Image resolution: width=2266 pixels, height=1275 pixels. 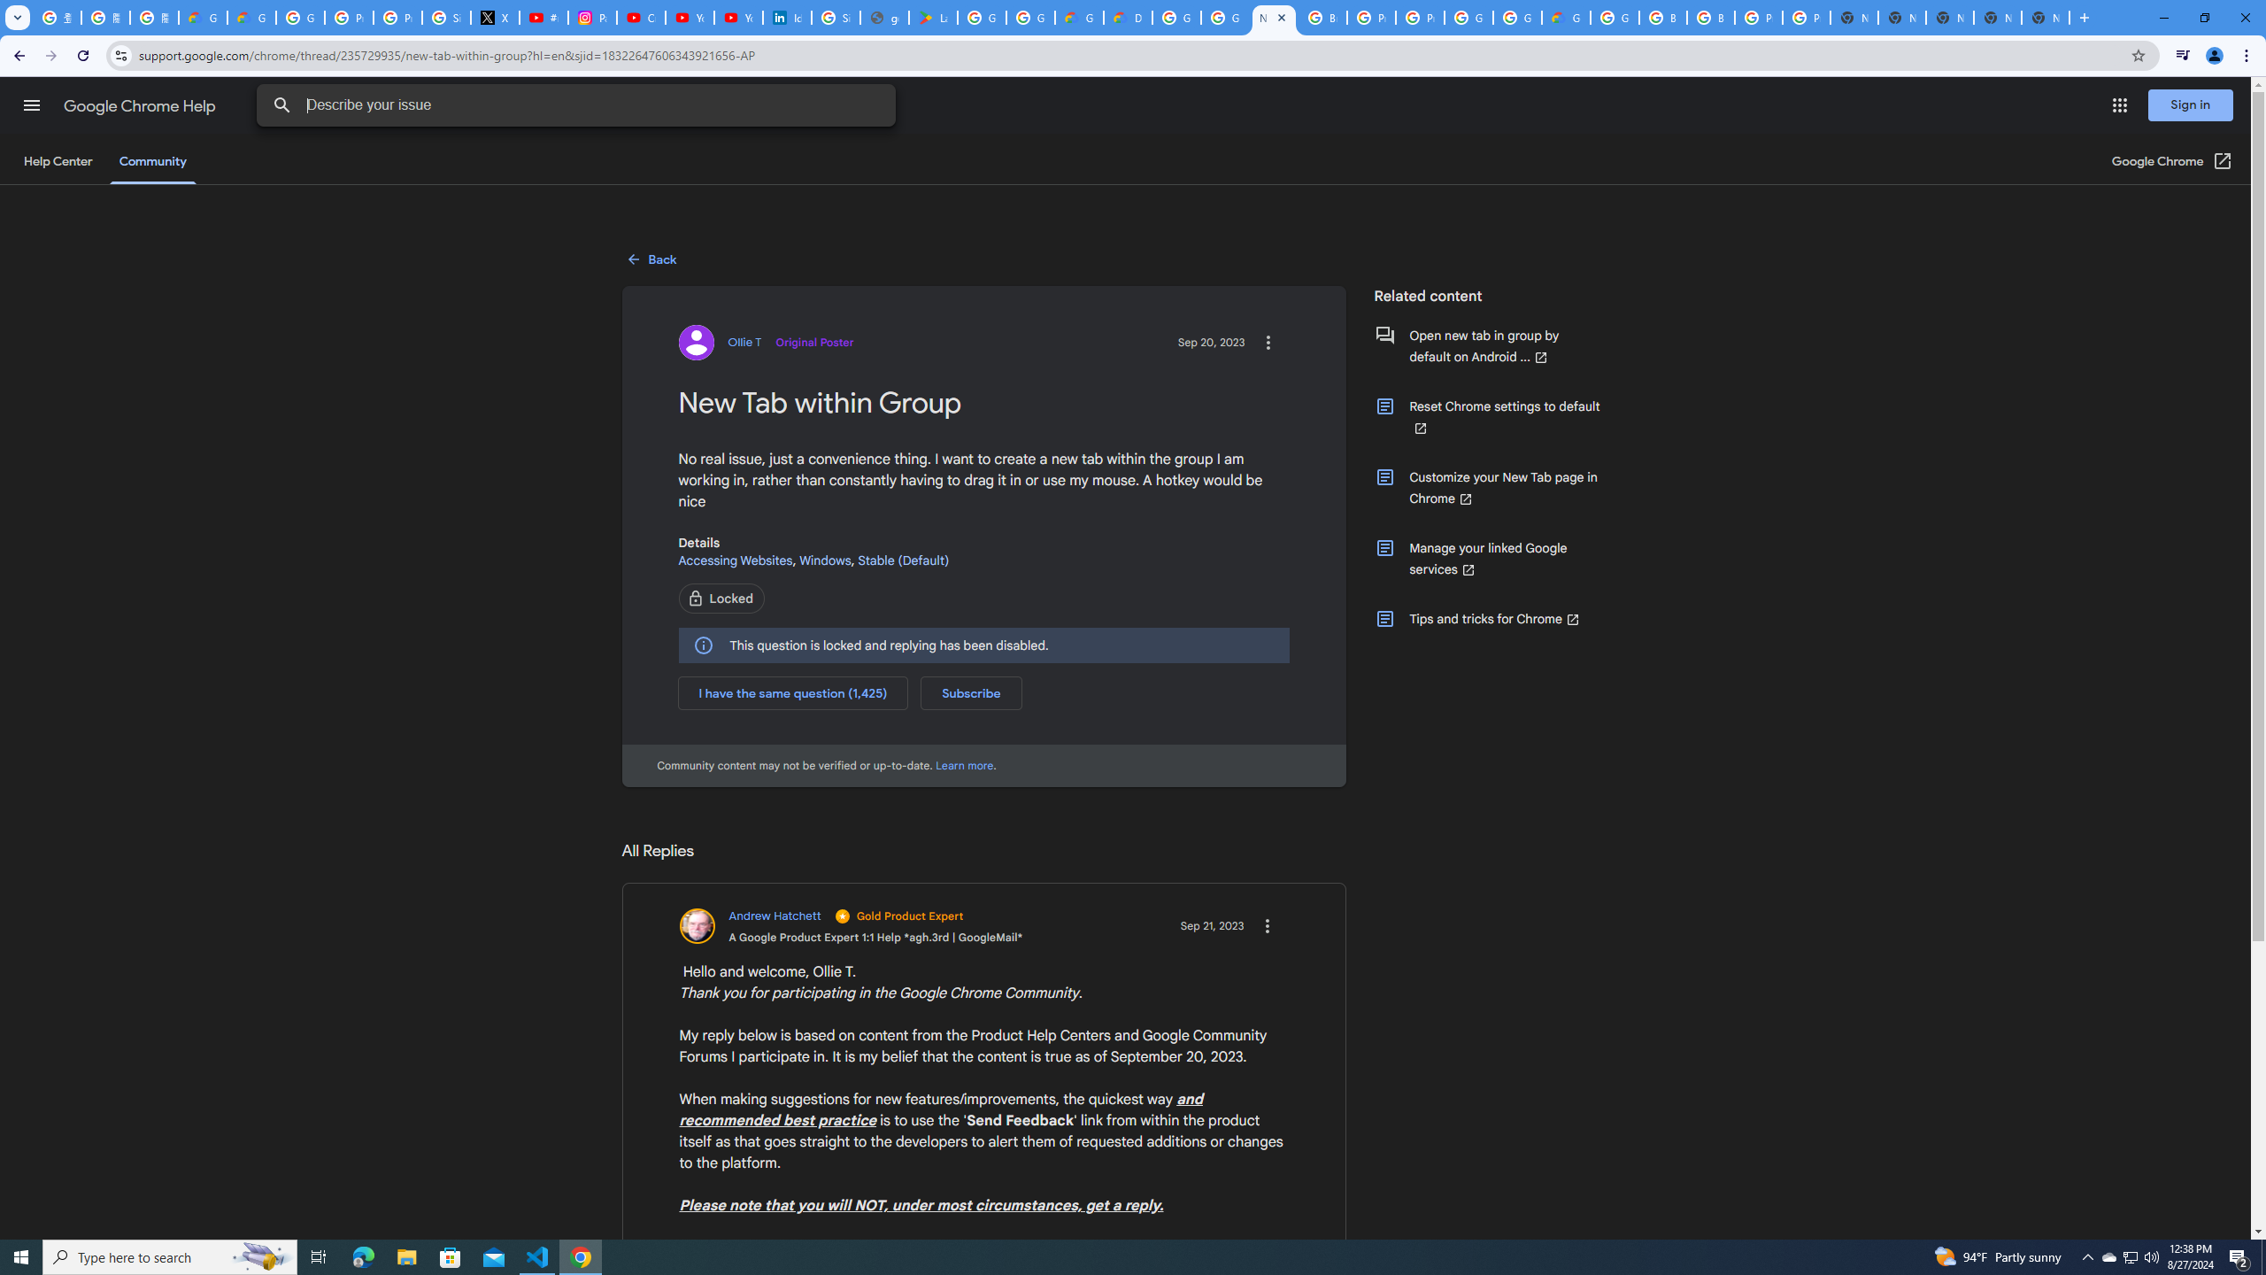 What do you see at coordinates (964, 764) in the screenshot?
I see `'Community content may not be verified or up-to-date.'` at bounding box center [964, 764].